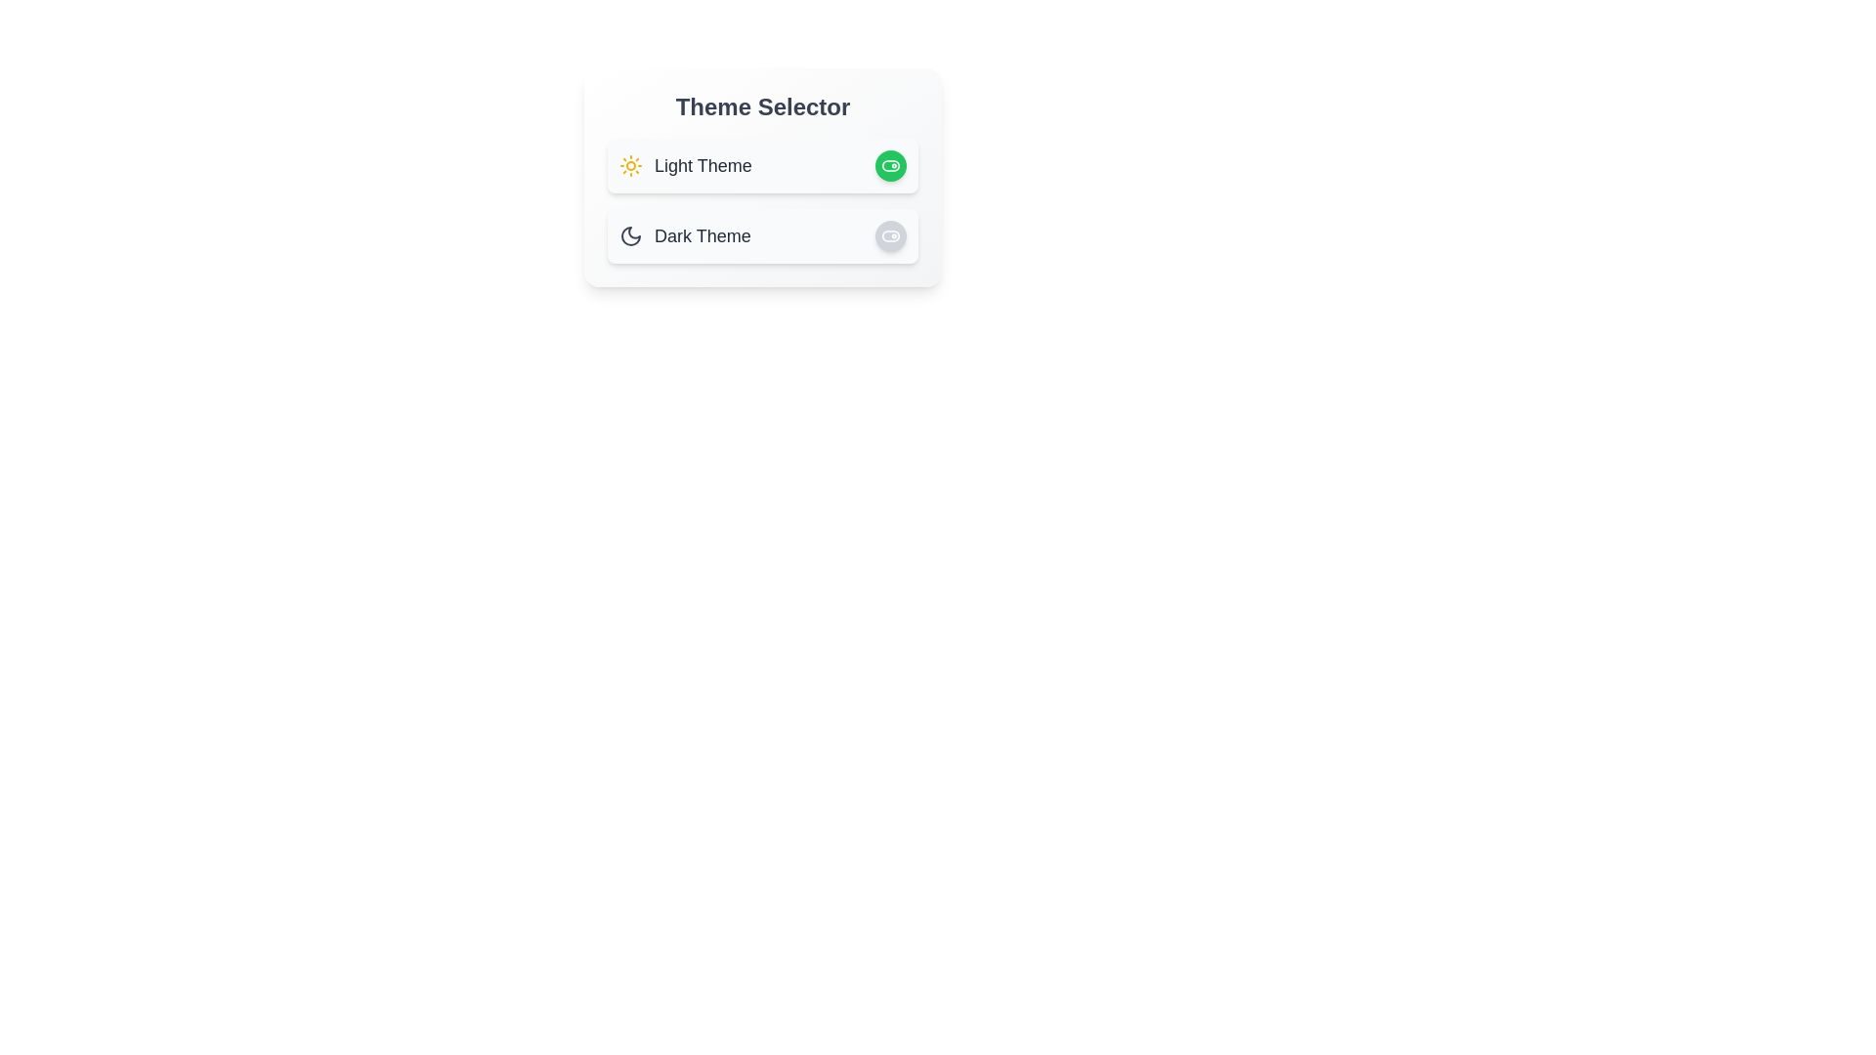 The image size is (1876, 1055). I want to click on the 'Light Theme' text to select the light theme, so click(685, 164).